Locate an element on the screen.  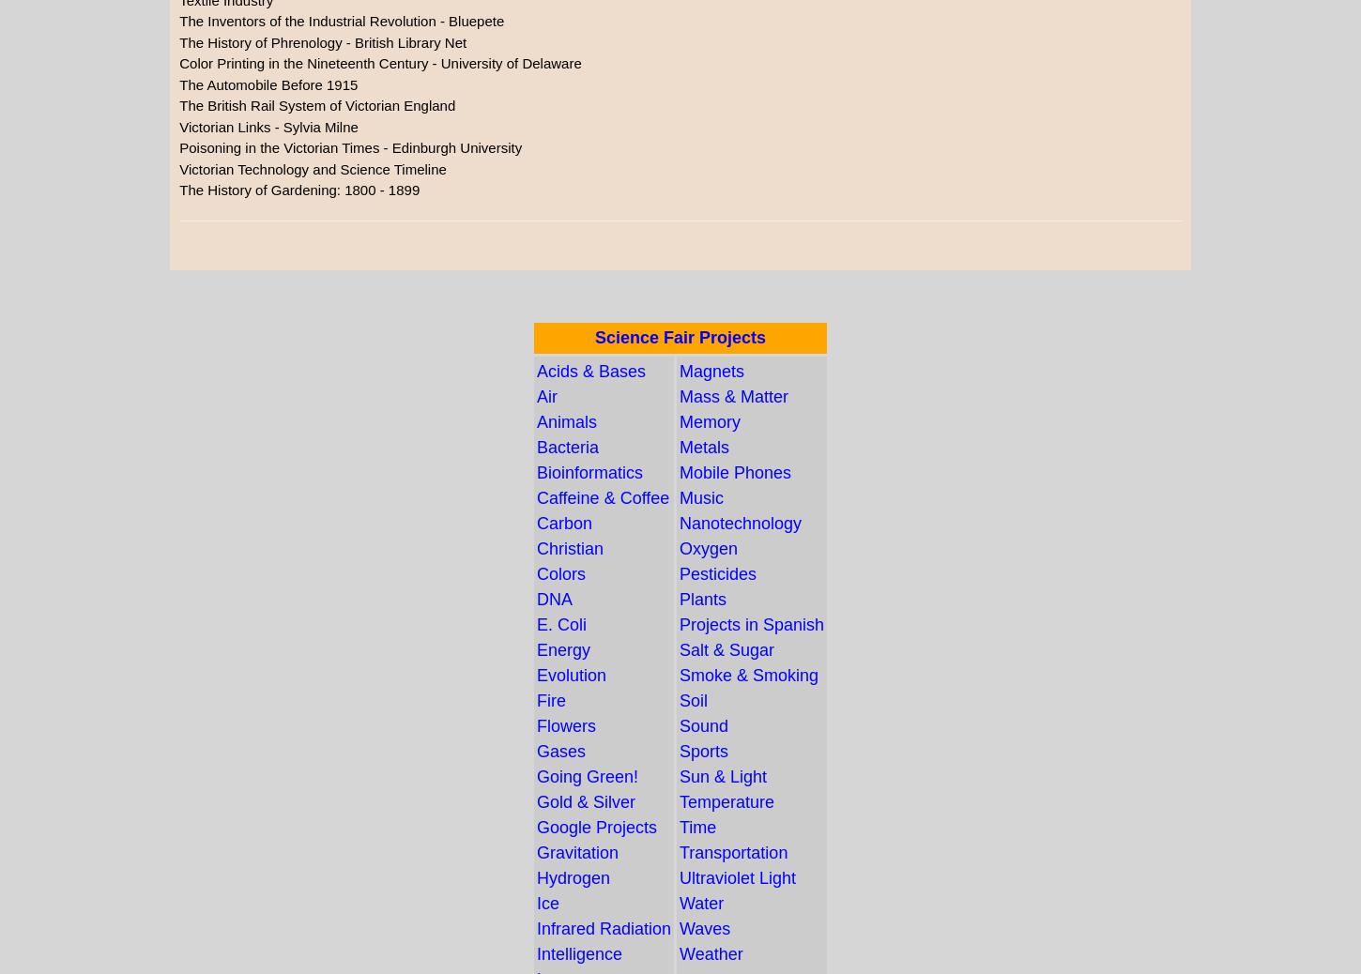
'Animals' is located at coordinates (566, 421).